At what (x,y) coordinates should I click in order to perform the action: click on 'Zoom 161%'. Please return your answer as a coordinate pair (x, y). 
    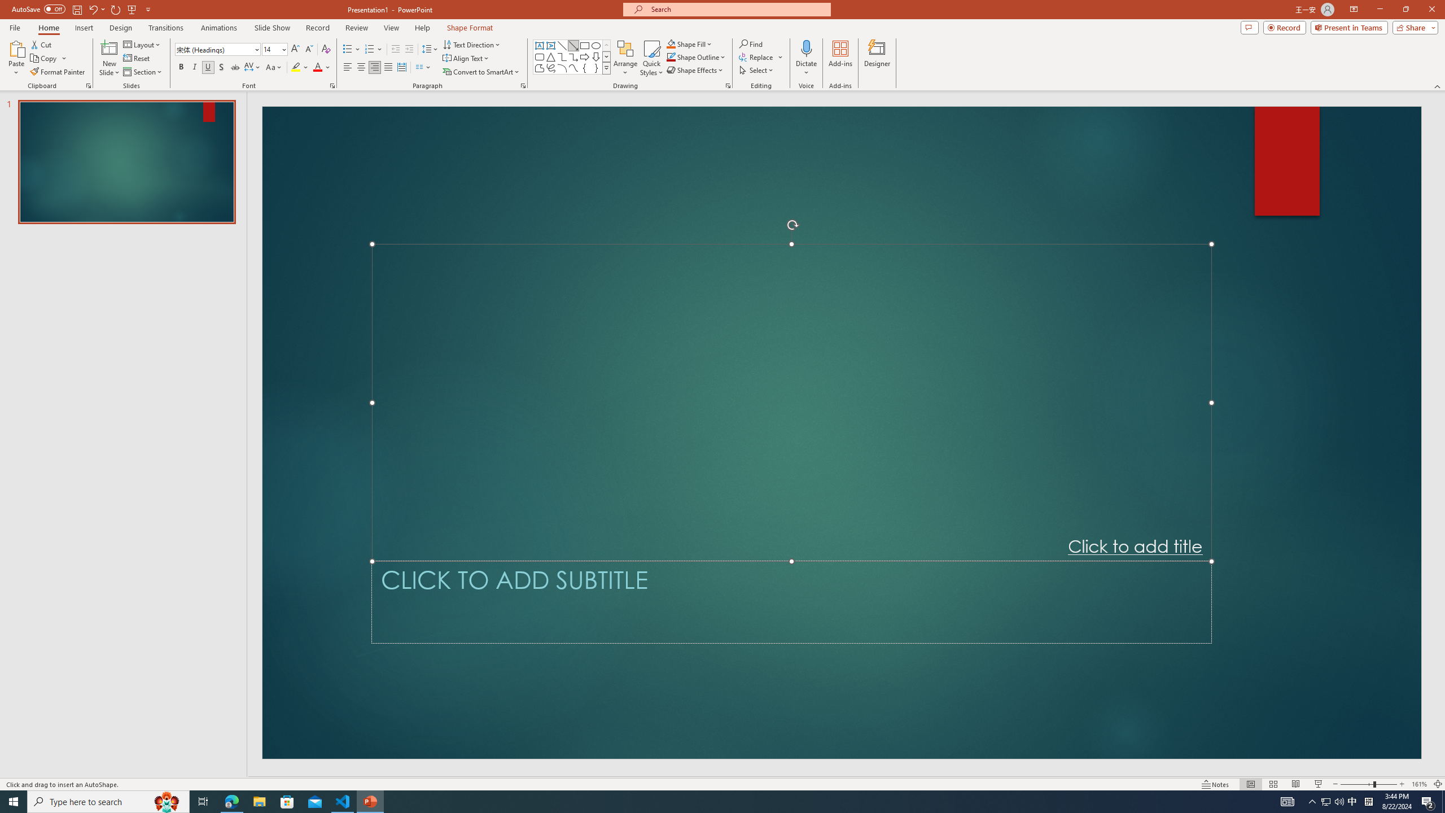
    Looking at the image, I should click on (1420, 784).